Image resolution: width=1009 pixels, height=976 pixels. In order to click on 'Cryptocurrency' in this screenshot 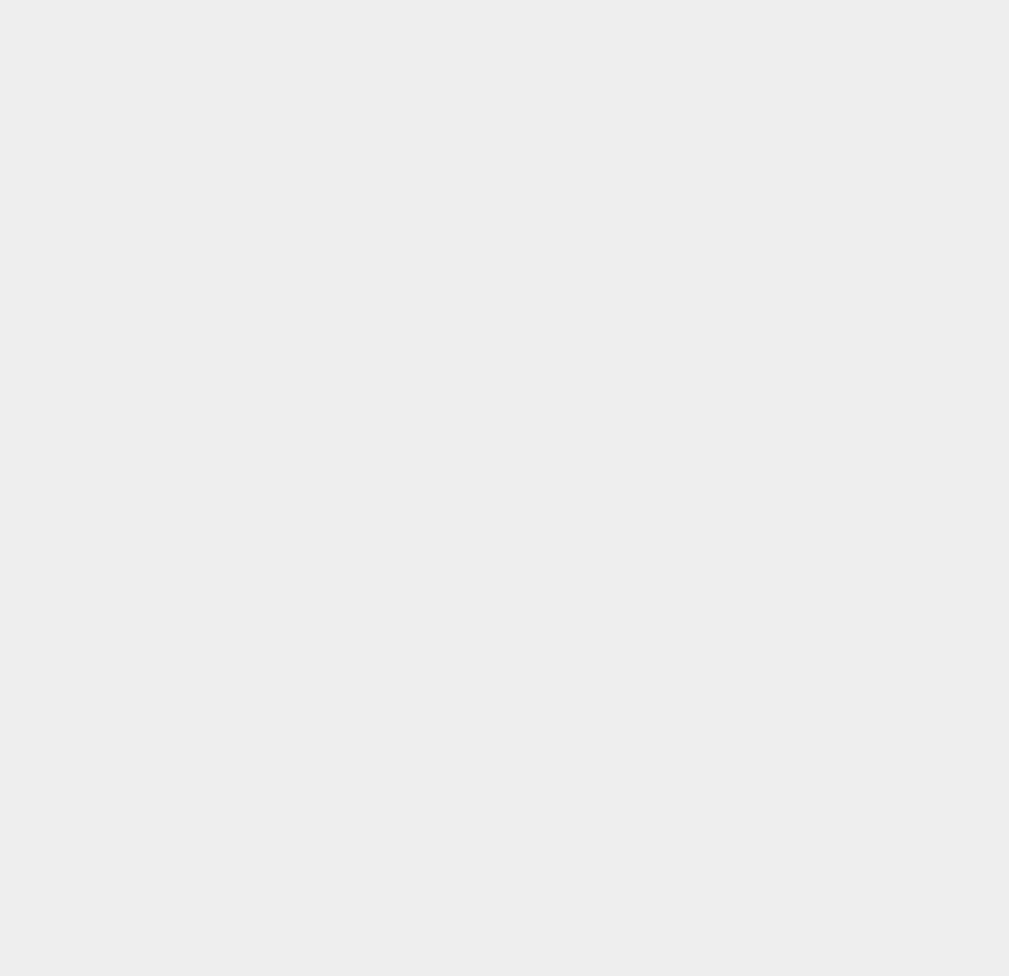, I will do `click(757, 510)`.